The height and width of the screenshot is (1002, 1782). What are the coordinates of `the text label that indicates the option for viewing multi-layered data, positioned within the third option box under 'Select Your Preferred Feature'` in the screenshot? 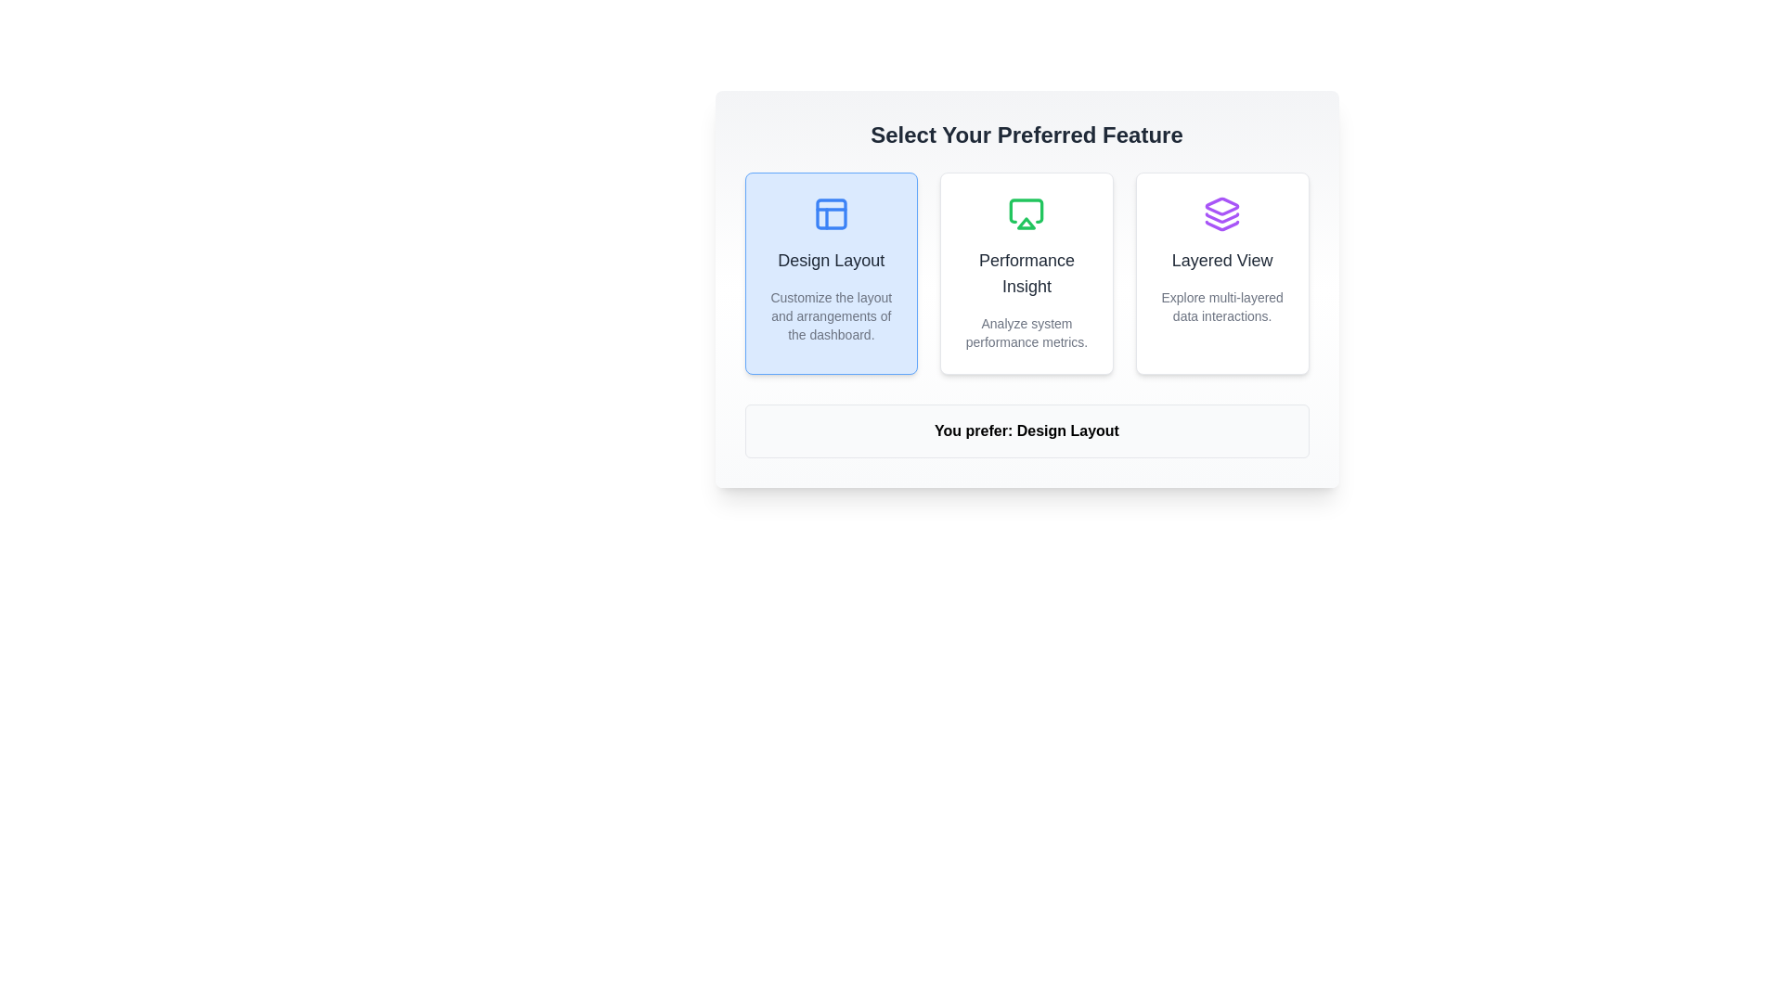 It's located at (1222, 261).